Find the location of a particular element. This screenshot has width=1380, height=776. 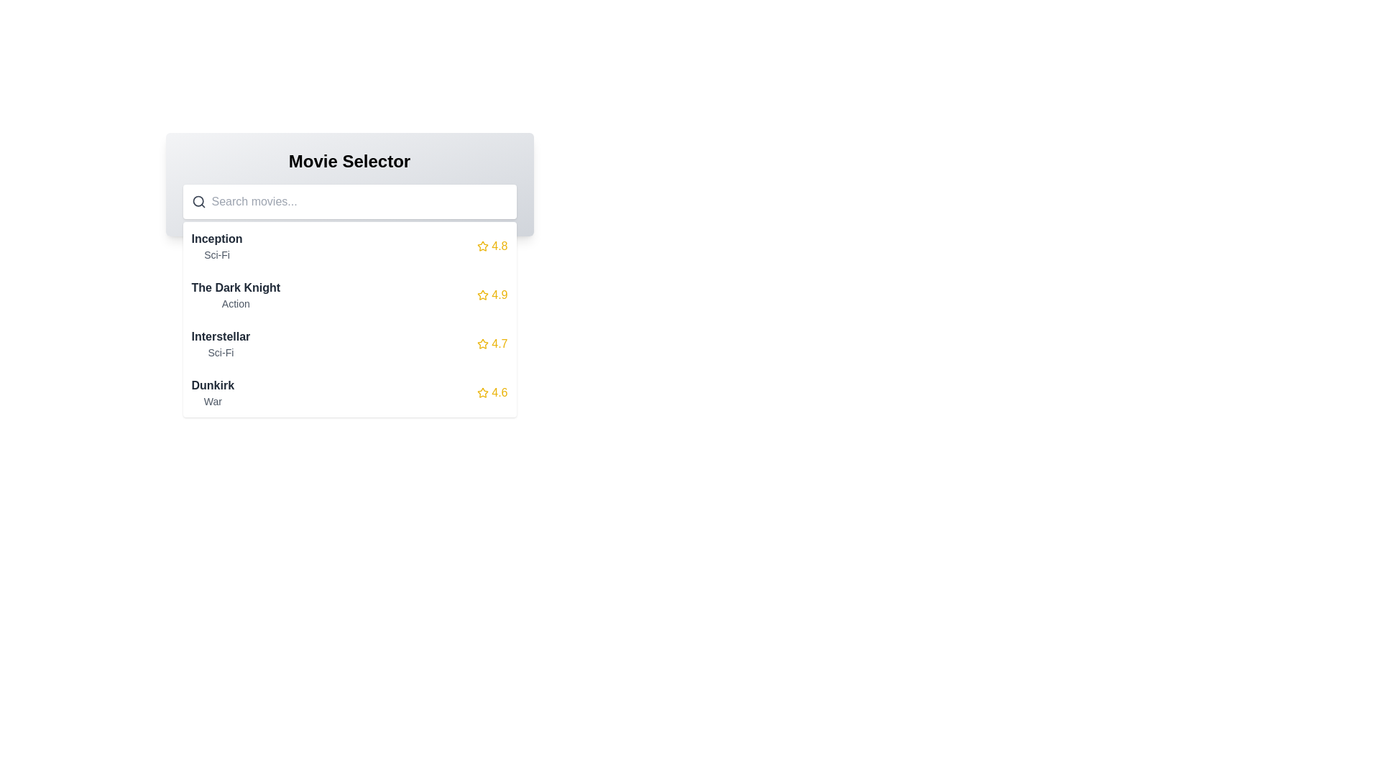

the text label displaying 'Action' located beneath the title 'The Dark Knight' in the 'Movie Selector' section is located at coordinates (236, 303).